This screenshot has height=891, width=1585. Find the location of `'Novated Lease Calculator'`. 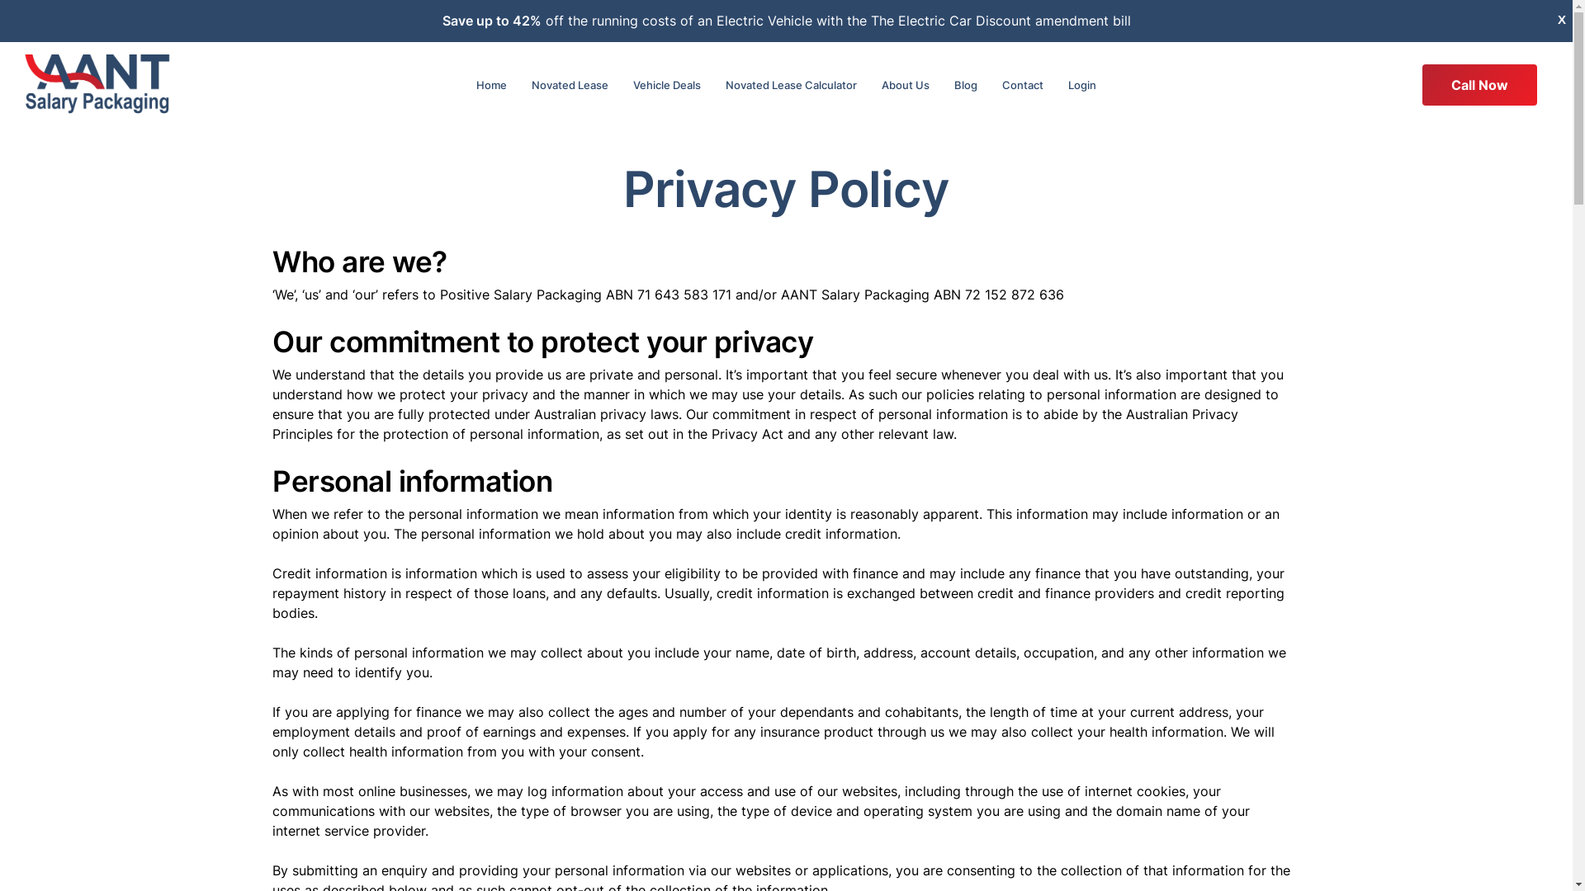

'Novated Lease Calculator' is located at coordinates (713, 85).